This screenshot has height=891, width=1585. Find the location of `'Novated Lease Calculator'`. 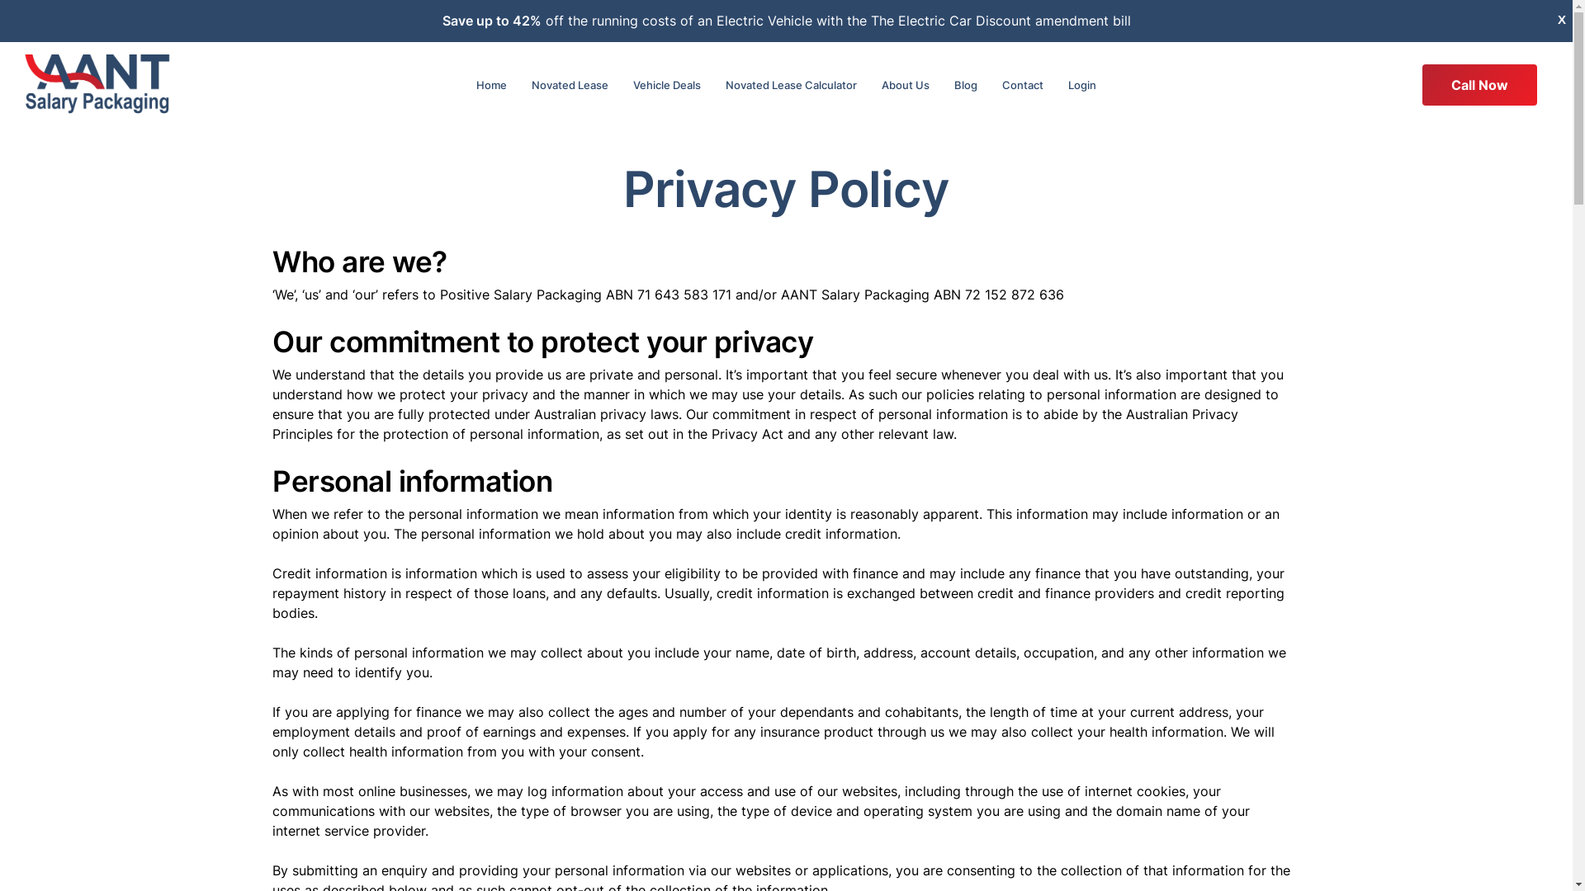

'Novated Lease Calculator' is located at coordinates (713, 85).